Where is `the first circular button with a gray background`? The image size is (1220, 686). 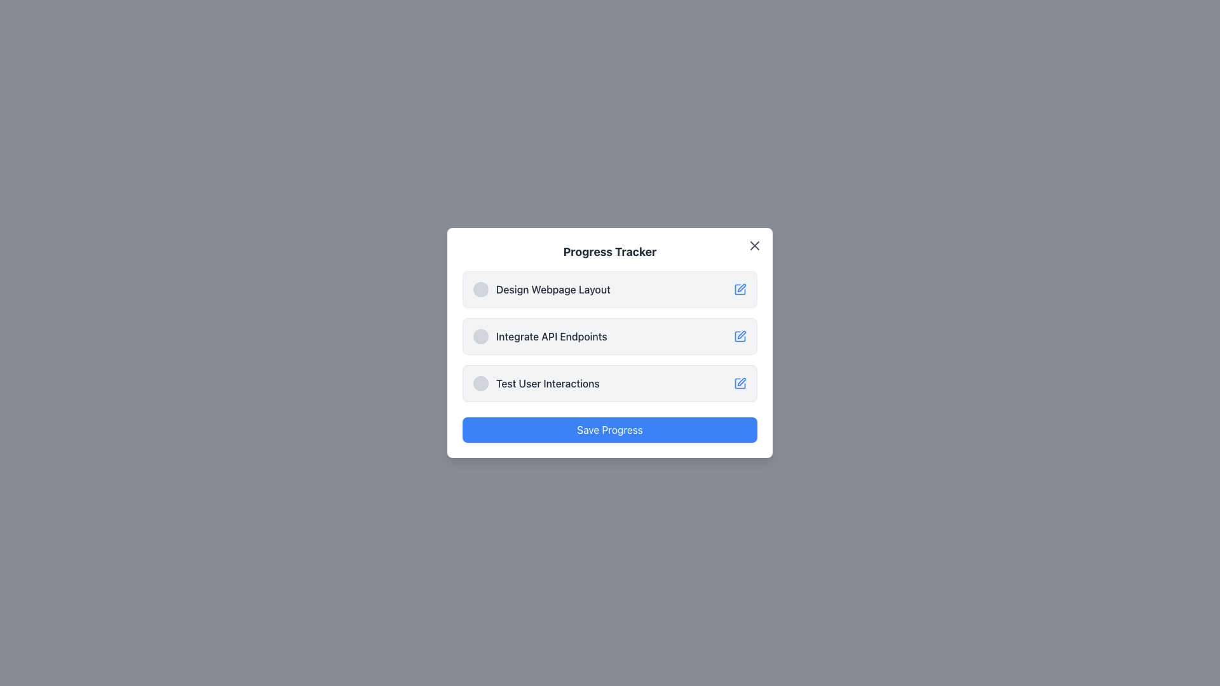
the first circular button with a gray background is located at coordinates (480, 383).